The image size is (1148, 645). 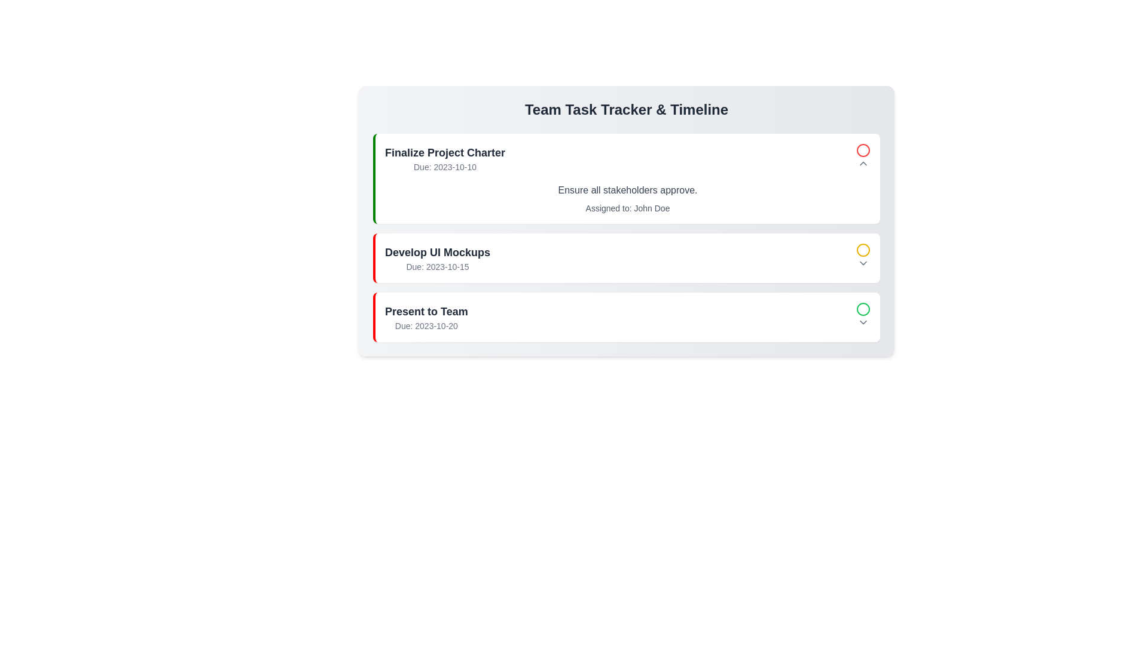 I want to click on the text label displaying 'Assigned to: John Doe' located under the item 'Finalize Project Charter' in the task tracker interface to interact with or modify the assignment, so click(x=627, y=207).